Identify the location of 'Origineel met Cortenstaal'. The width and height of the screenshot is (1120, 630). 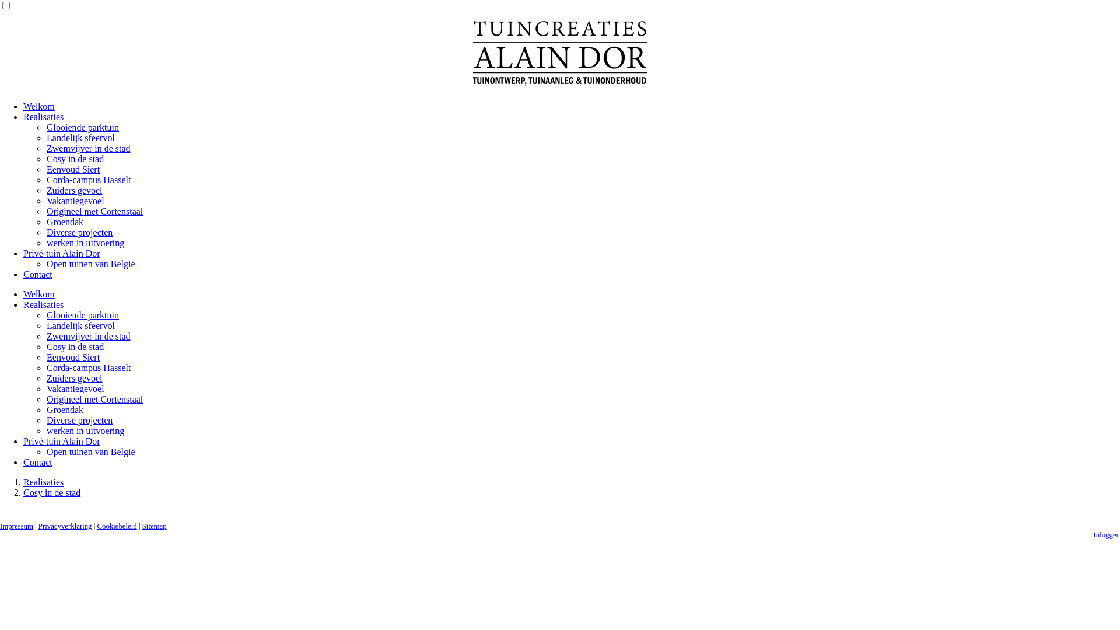
(94, 398).